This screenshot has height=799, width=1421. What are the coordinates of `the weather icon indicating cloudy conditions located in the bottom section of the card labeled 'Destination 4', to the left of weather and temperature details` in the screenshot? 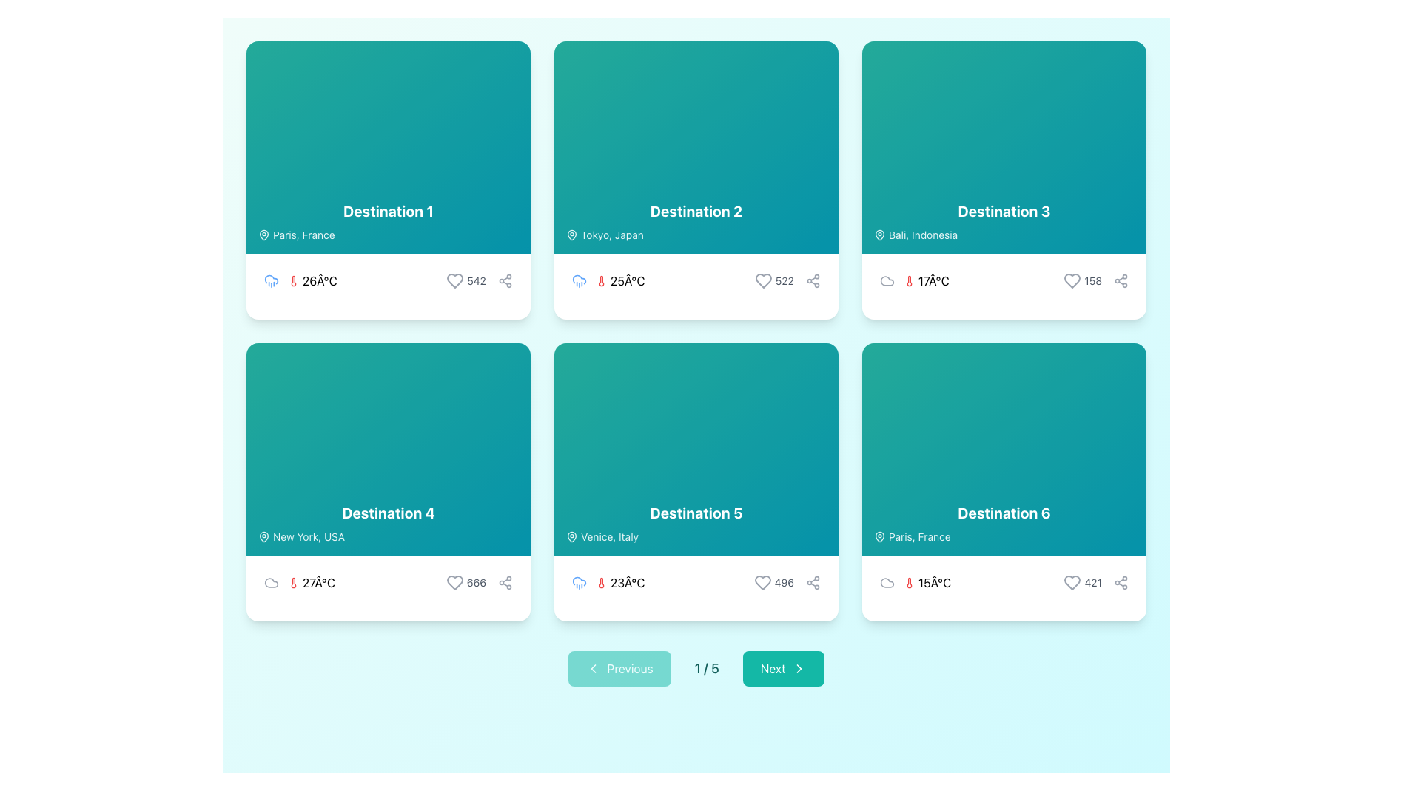 It's located at (271, 581).